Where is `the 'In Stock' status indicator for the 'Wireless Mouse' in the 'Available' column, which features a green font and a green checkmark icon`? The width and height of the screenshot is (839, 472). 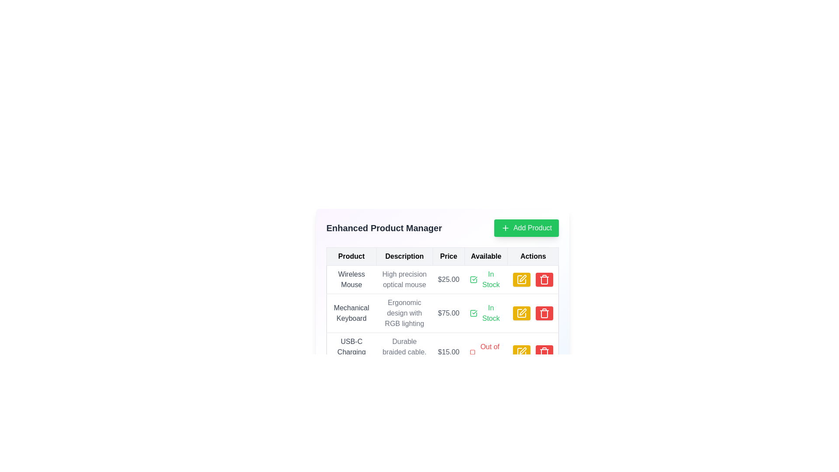
the 'In Stock' status indicator for the 'Wireless Mouse' in the 'Available' column, which features a green font and a green checkmark icon is located at coordinates (485, 280).